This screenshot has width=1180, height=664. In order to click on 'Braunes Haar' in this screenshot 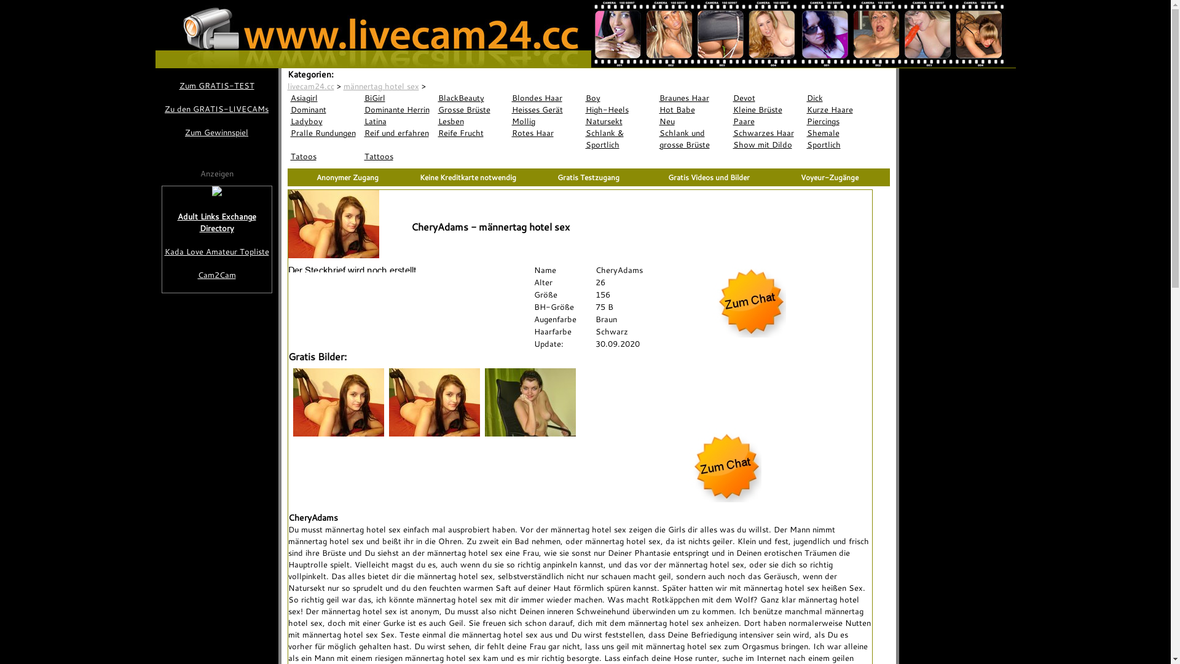, I will do `click(693, 97)`.